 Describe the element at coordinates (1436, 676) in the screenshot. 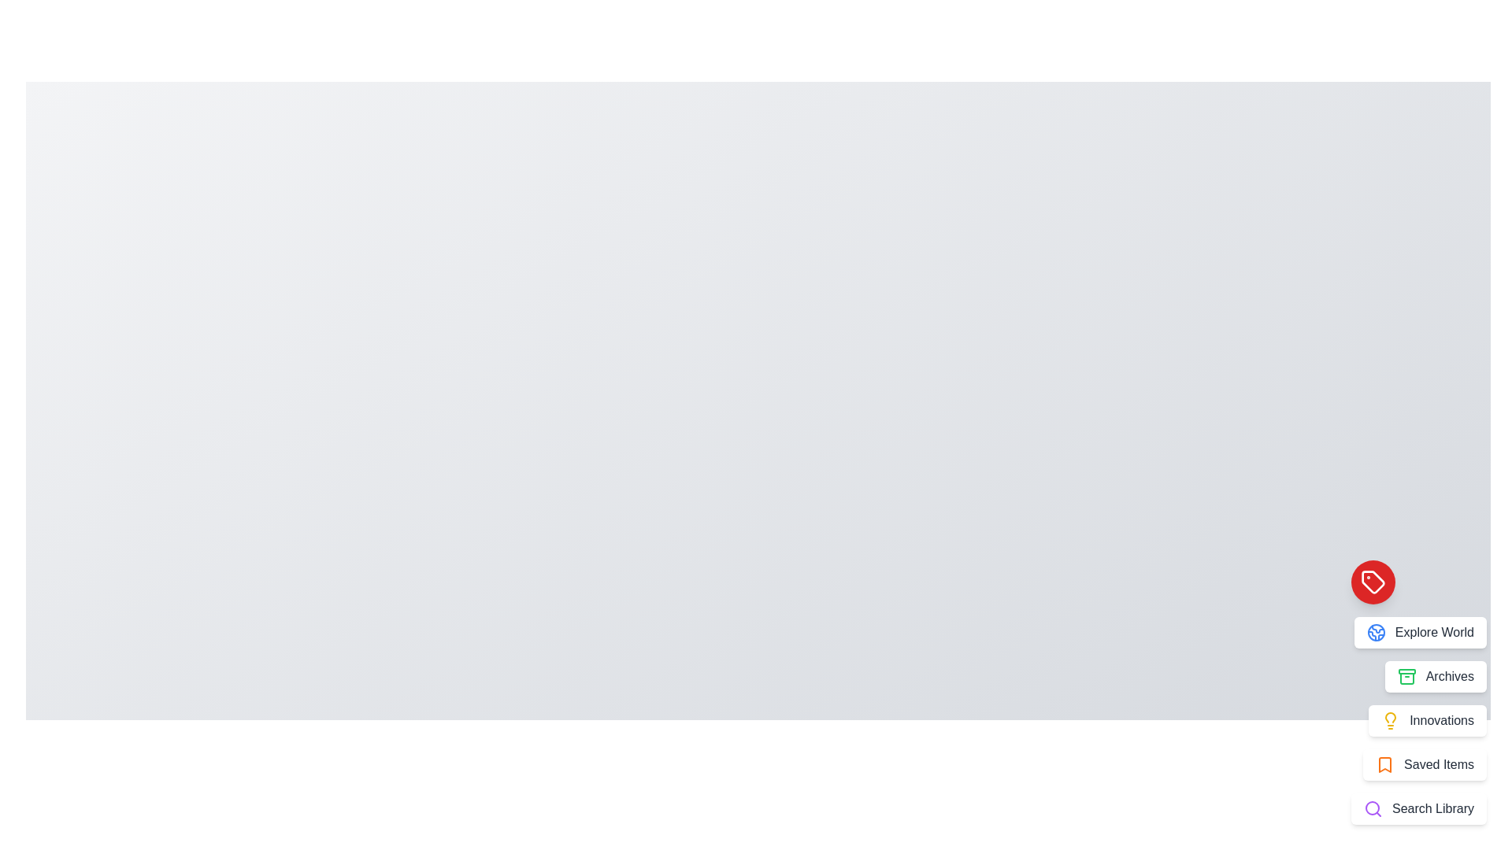

I see `the menu item labeled 'Archives' to observe its hover effect` at that location.